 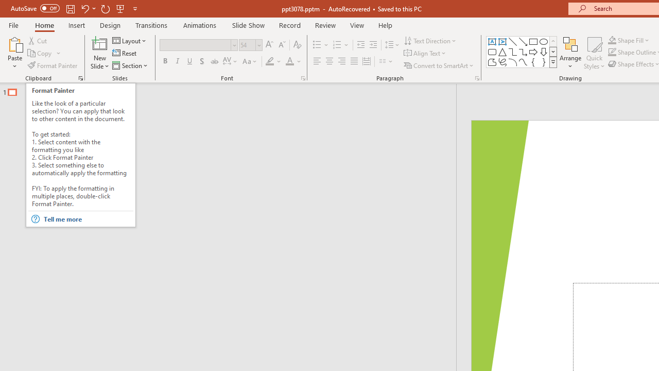 I want to click on 'Tell me more', so click(x=88, y=218).